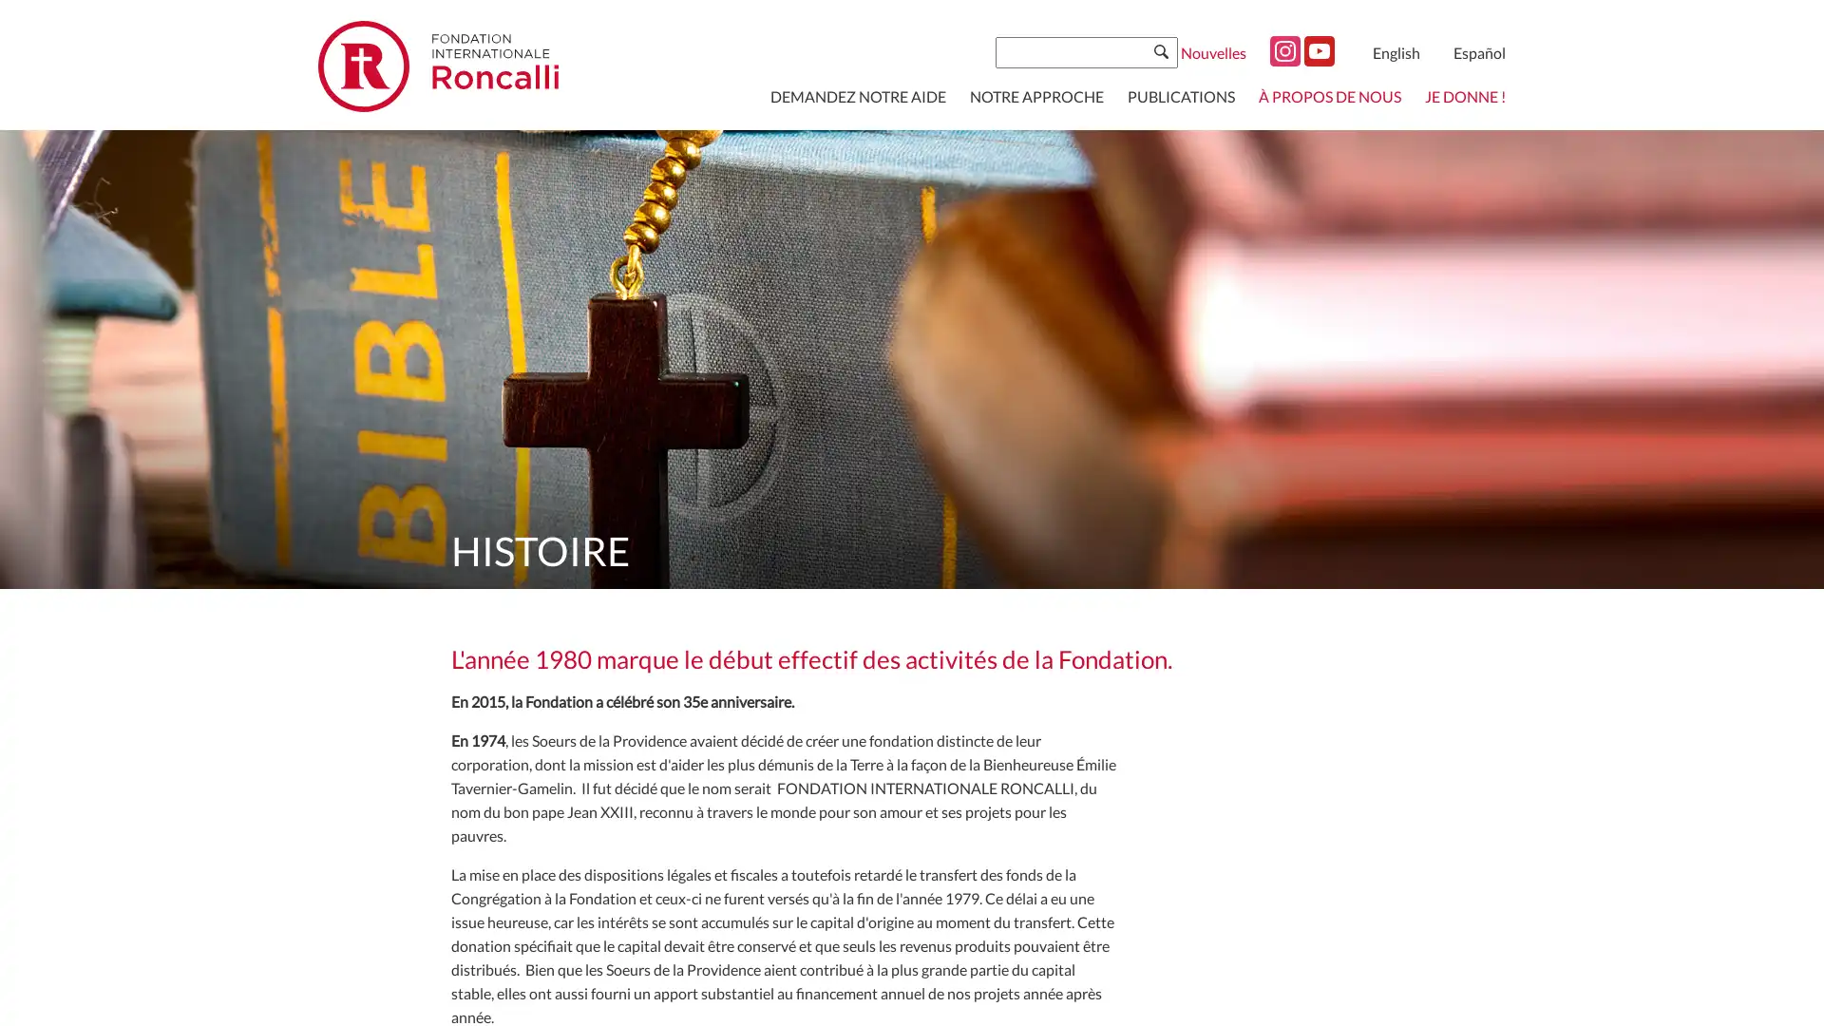 This screenshot has height=1026, width=1824. I want to click on Chercher, so click(1160, 50).